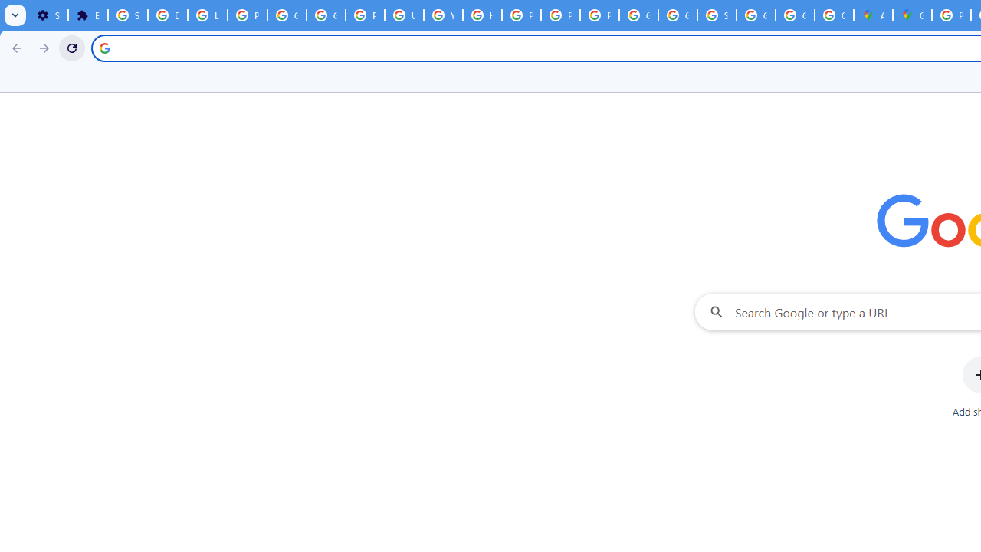 The image size is (981, 552). Describe the element at coordinates (167, 15) in the screenshot. I see `'Delete photos & videos - Computer - Google Photos Help'` at that location.